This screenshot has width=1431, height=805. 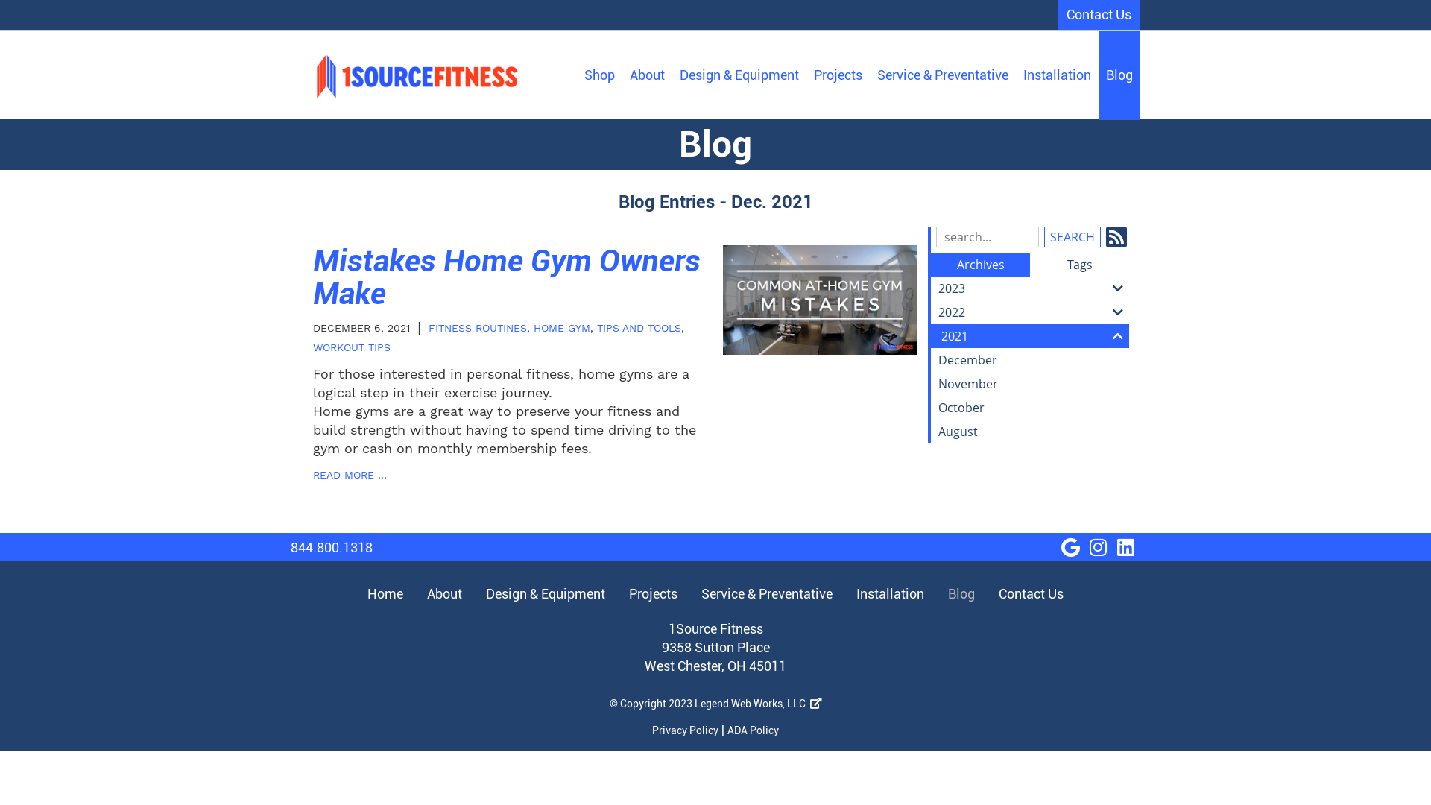 What do you see at coordinates (753, 729) in the screenshot?
I see `'ADA Policy'` at bounding box center [753, 729].